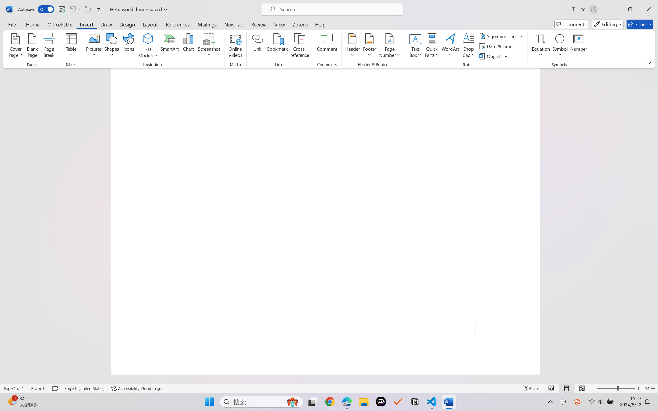  Describe the element at coordinates (12, 401) in the screenshot. I see `'AutomationID: BadgeAnchorLargeTicker'` at that location.